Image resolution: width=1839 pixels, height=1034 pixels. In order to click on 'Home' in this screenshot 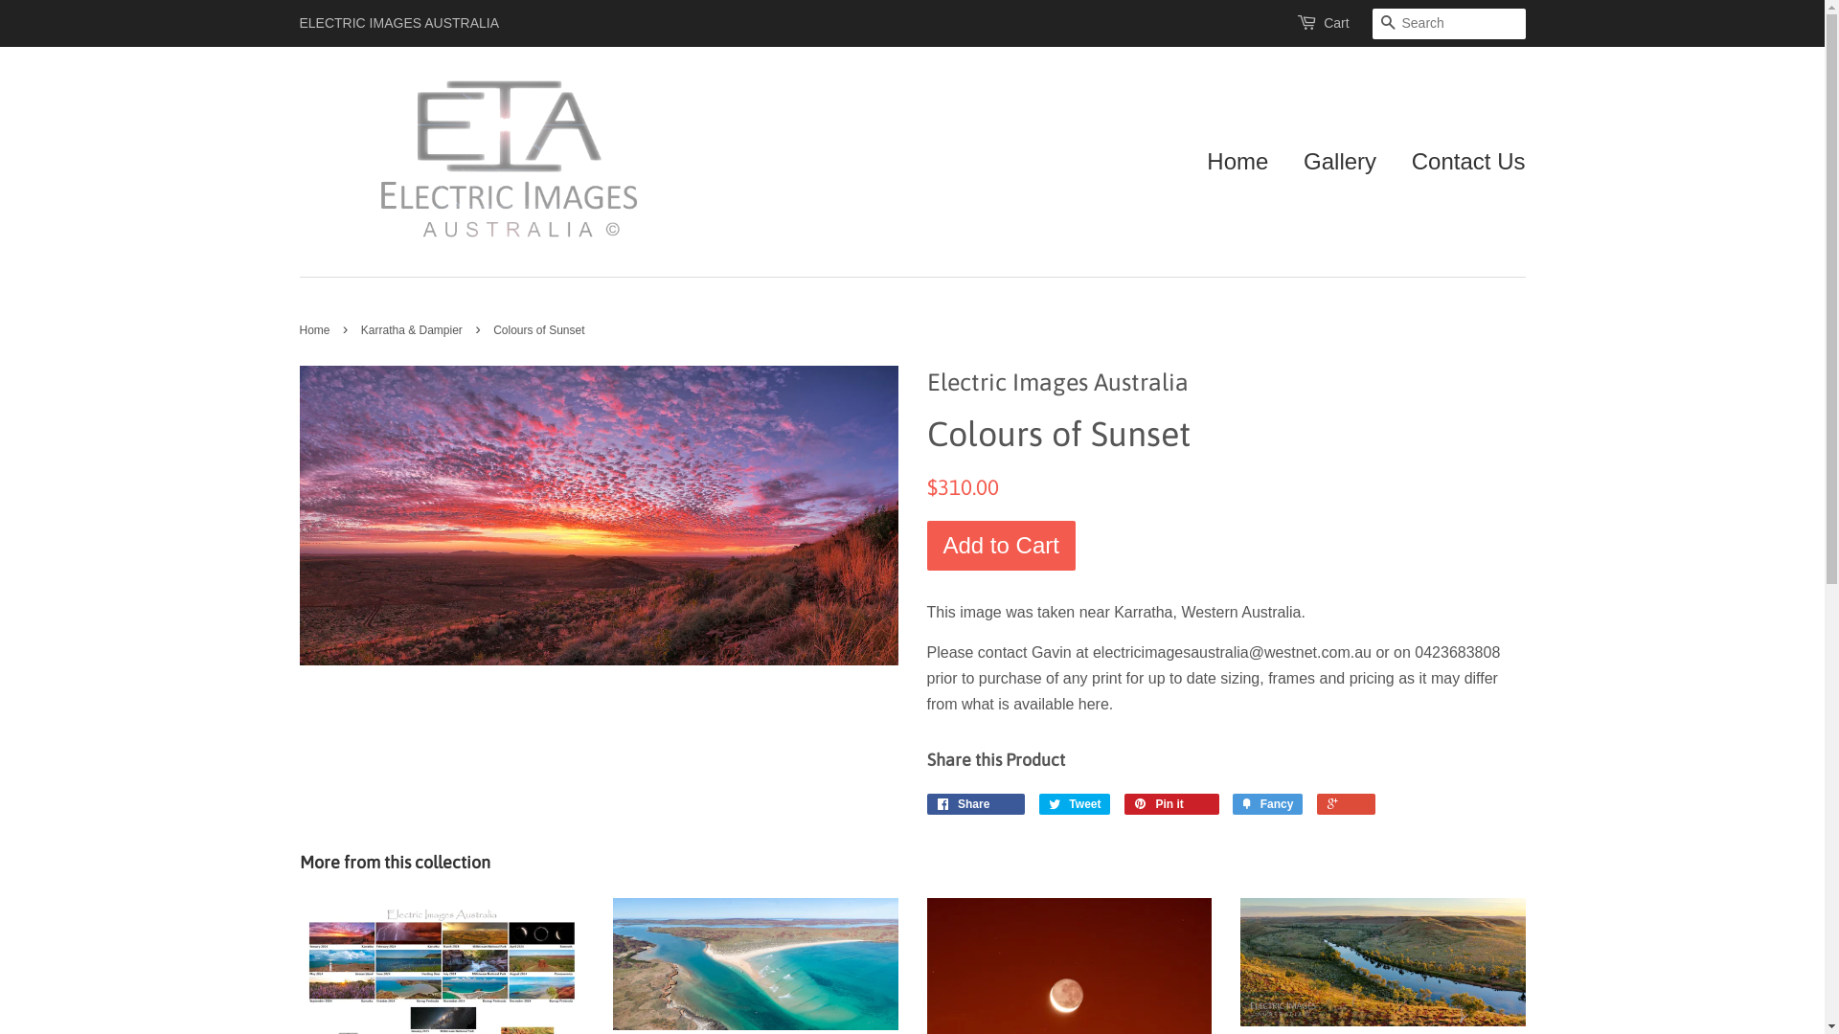, I will do `click(1205, 161)`.